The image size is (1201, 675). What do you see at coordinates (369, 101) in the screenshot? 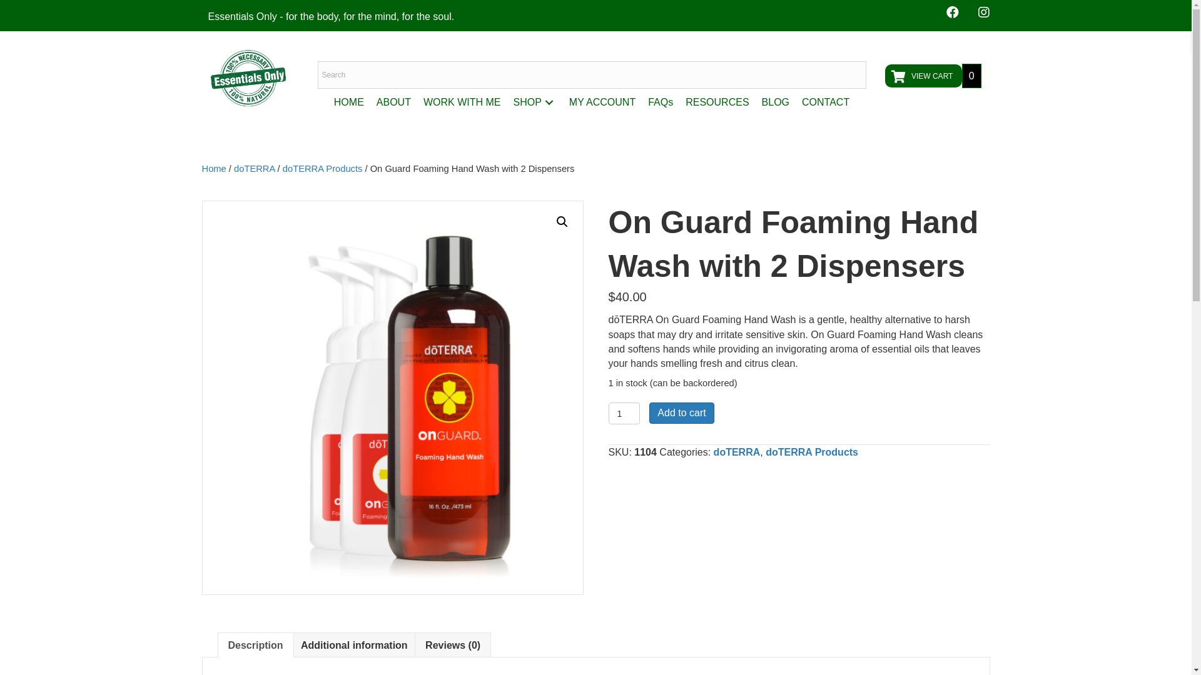
I see `'ABOUT'` at bounding box center [369, 101].